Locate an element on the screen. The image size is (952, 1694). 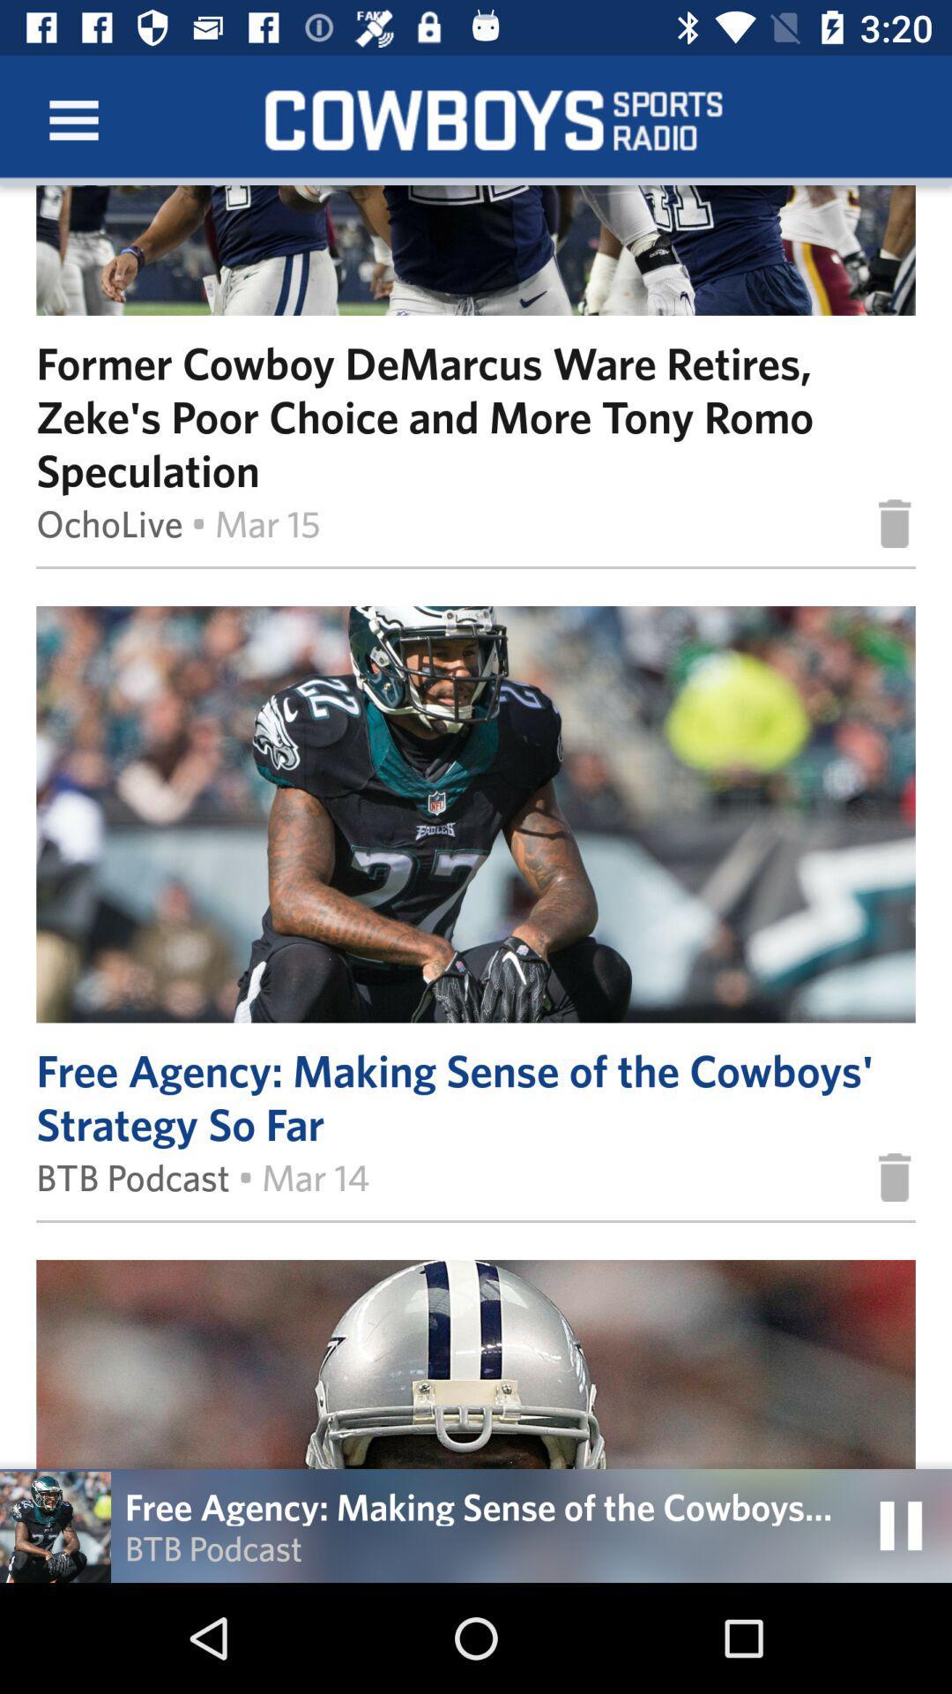
the pause icon is located at coordinates (901, 1525).